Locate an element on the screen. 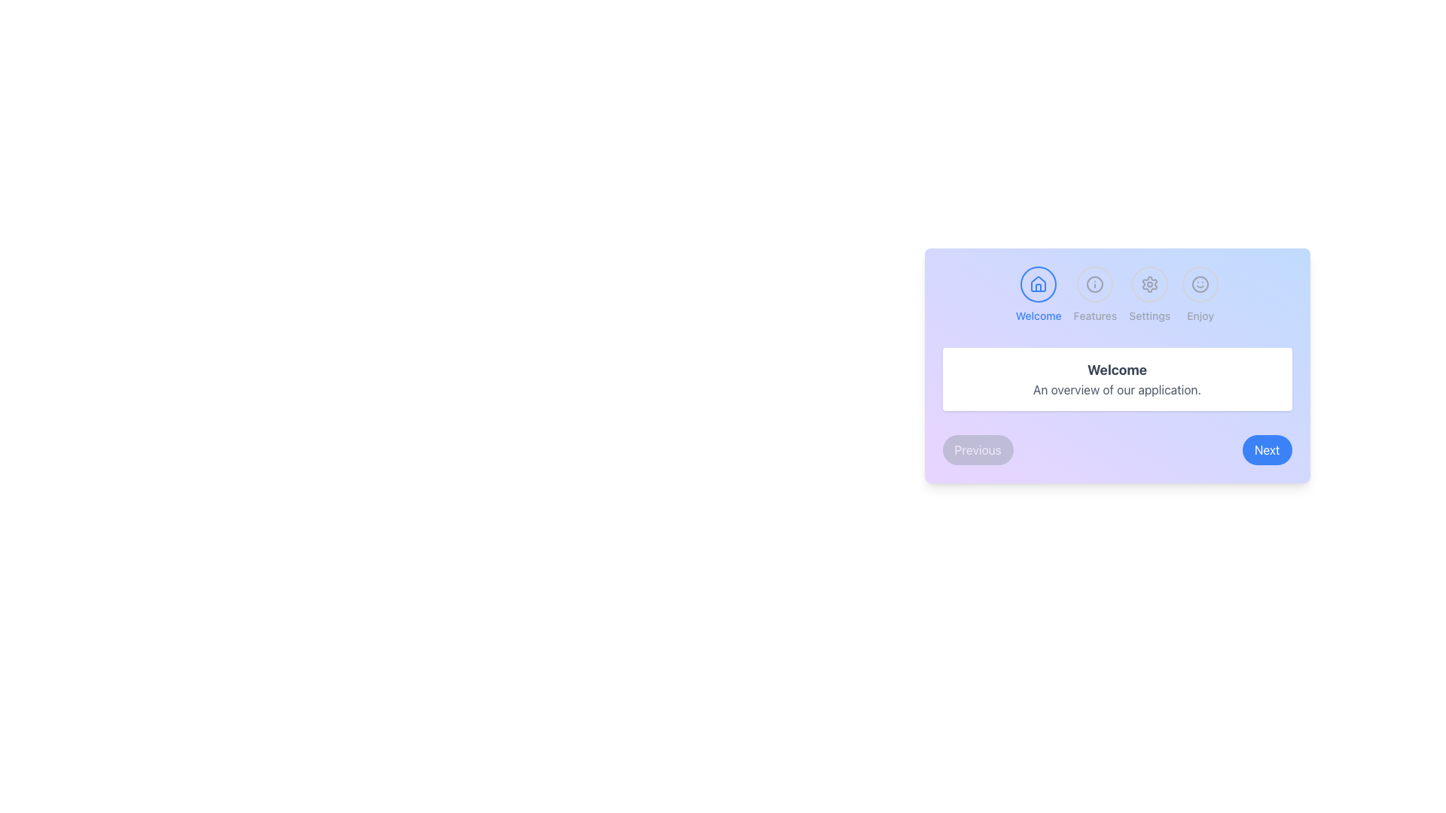 The image size is (1446, 813). the circular icon button that resembles an information icon, located above the 'Features' text is located at coordinates (1095, 285).